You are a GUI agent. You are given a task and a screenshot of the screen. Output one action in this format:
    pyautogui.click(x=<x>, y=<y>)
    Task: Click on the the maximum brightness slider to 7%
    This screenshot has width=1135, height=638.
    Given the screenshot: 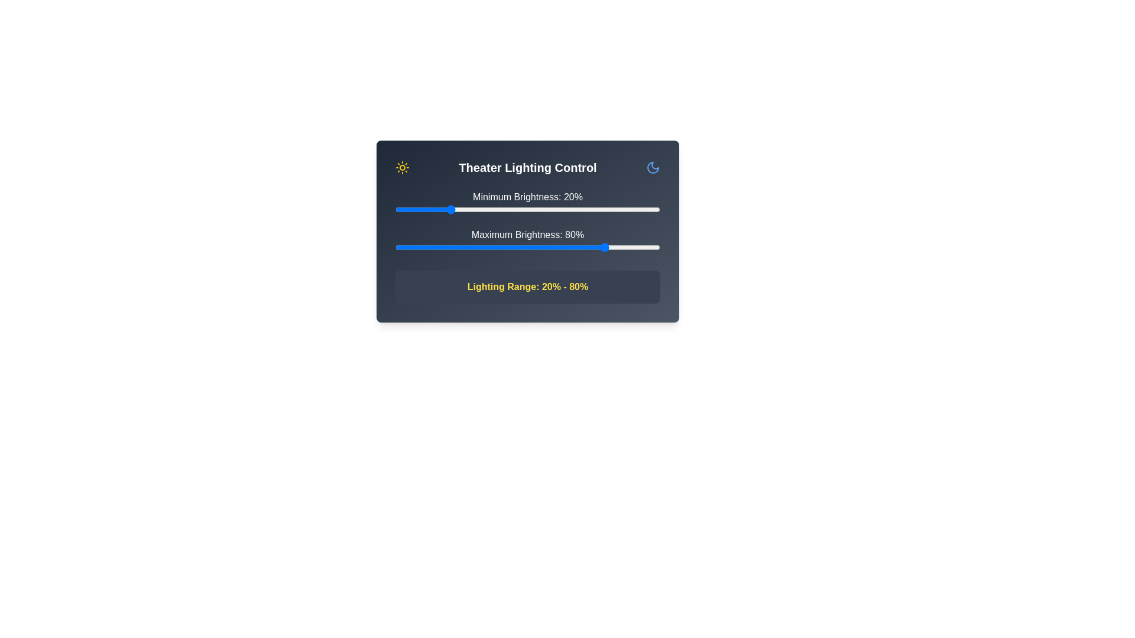 What is the action you would take?
    pyautogui.click(x=414, y=247)
    